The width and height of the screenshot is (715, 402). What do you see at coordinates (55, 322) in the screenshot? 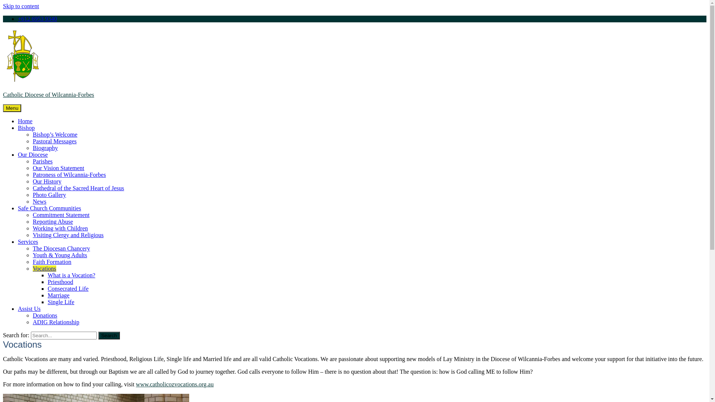
I see `'ADIG Relationship'` at bounding box center [55, 322].